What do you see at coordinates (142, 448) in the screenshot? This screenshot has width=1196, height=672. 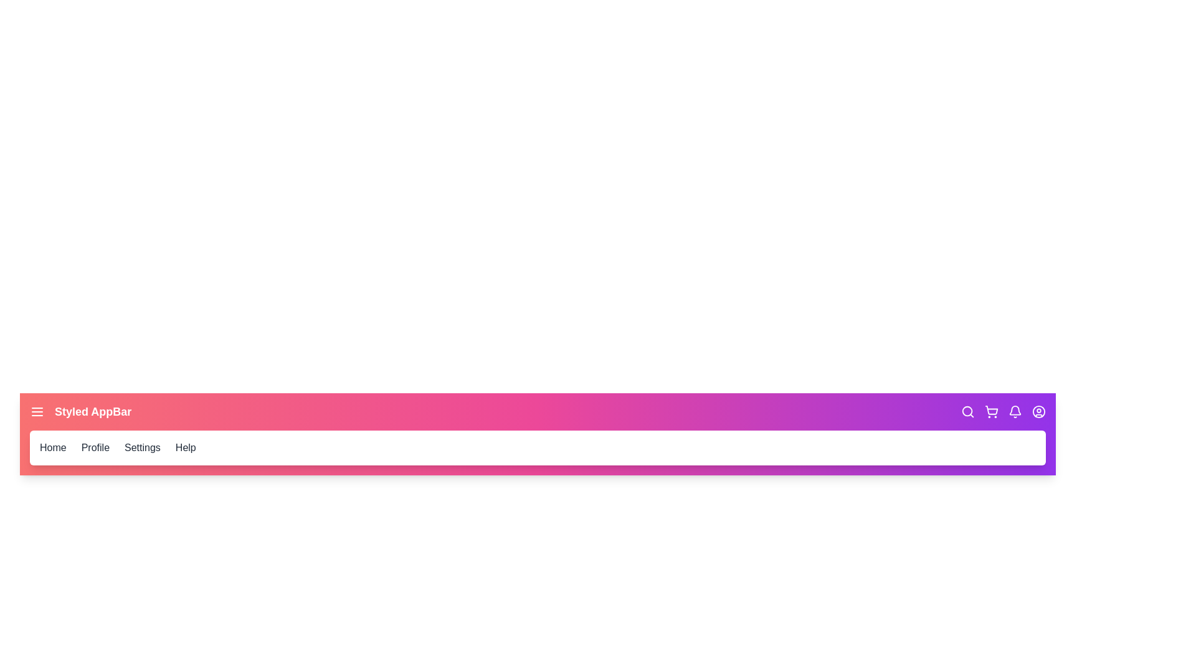 I see `the navigation option Settings from the menu` at bounding box center [142, 448].